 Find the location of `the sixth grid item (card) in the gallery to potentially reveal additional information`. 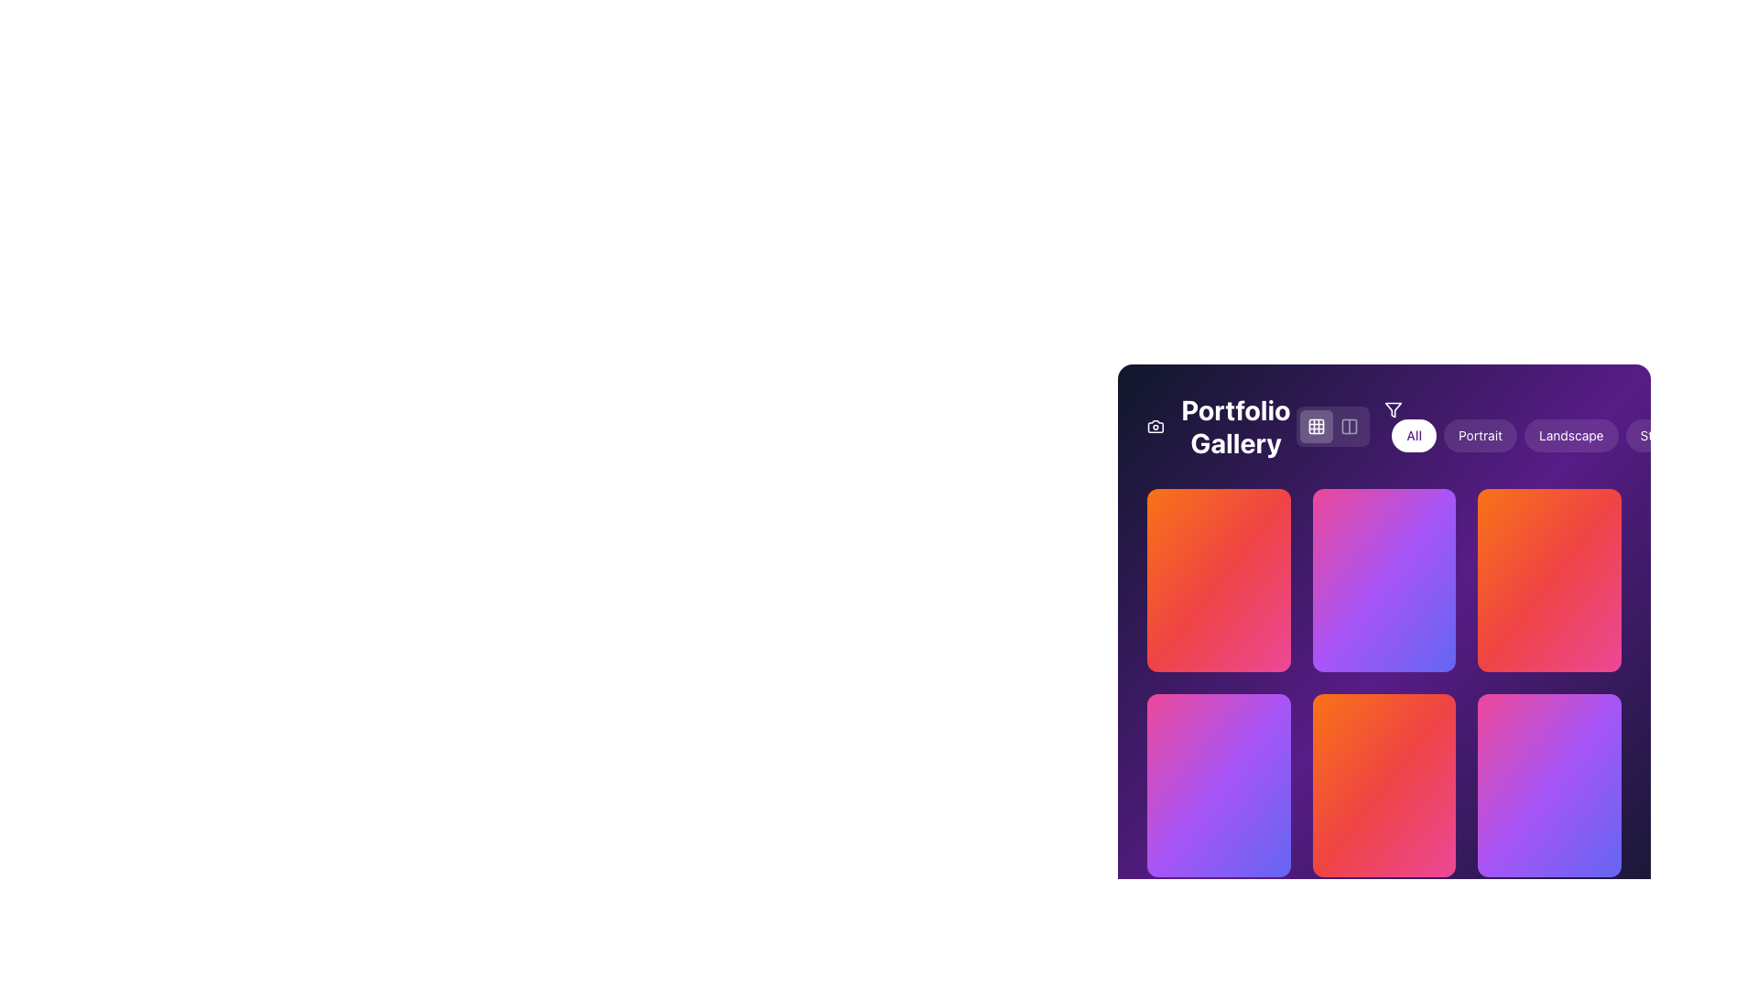

the sixth grid item (card) in the gallery to potentially reveal additional information is located at coordinates (1548, 784).